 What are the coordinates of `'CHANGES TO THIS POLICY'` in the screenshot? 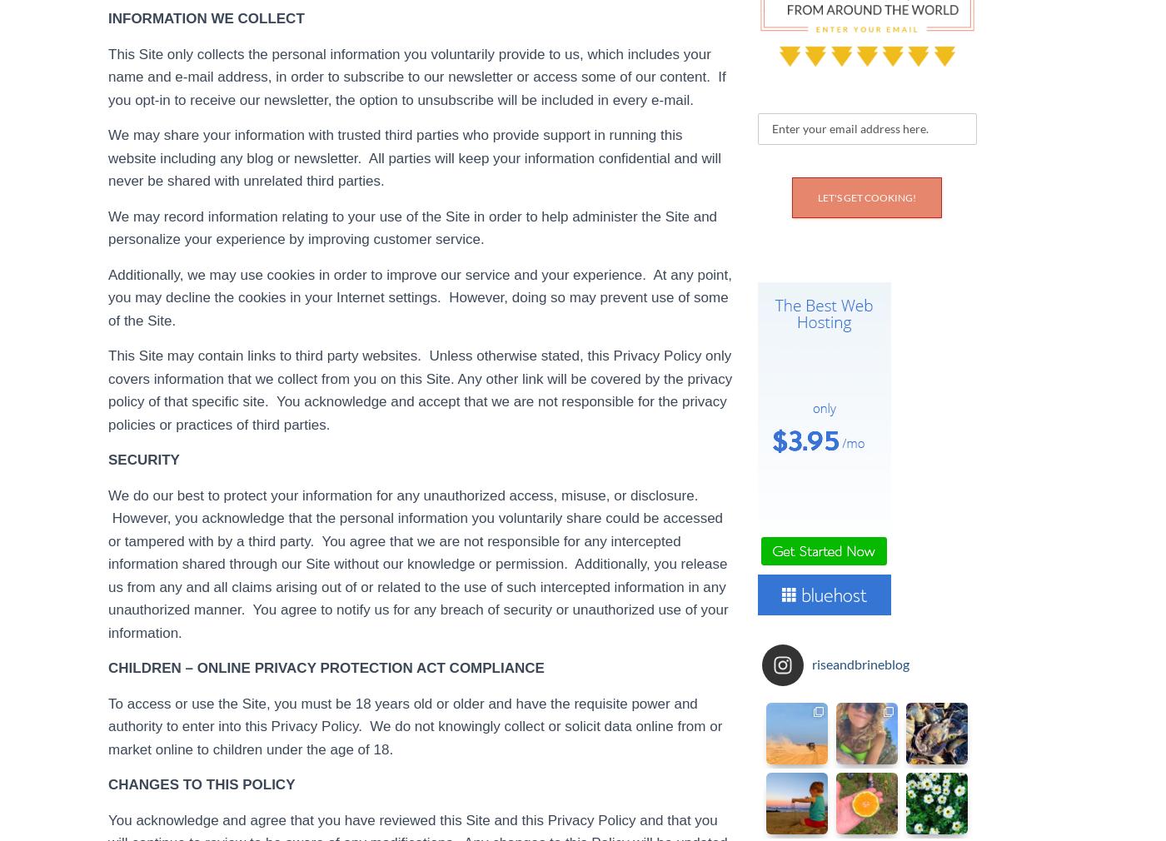 It's located at (202, 784).